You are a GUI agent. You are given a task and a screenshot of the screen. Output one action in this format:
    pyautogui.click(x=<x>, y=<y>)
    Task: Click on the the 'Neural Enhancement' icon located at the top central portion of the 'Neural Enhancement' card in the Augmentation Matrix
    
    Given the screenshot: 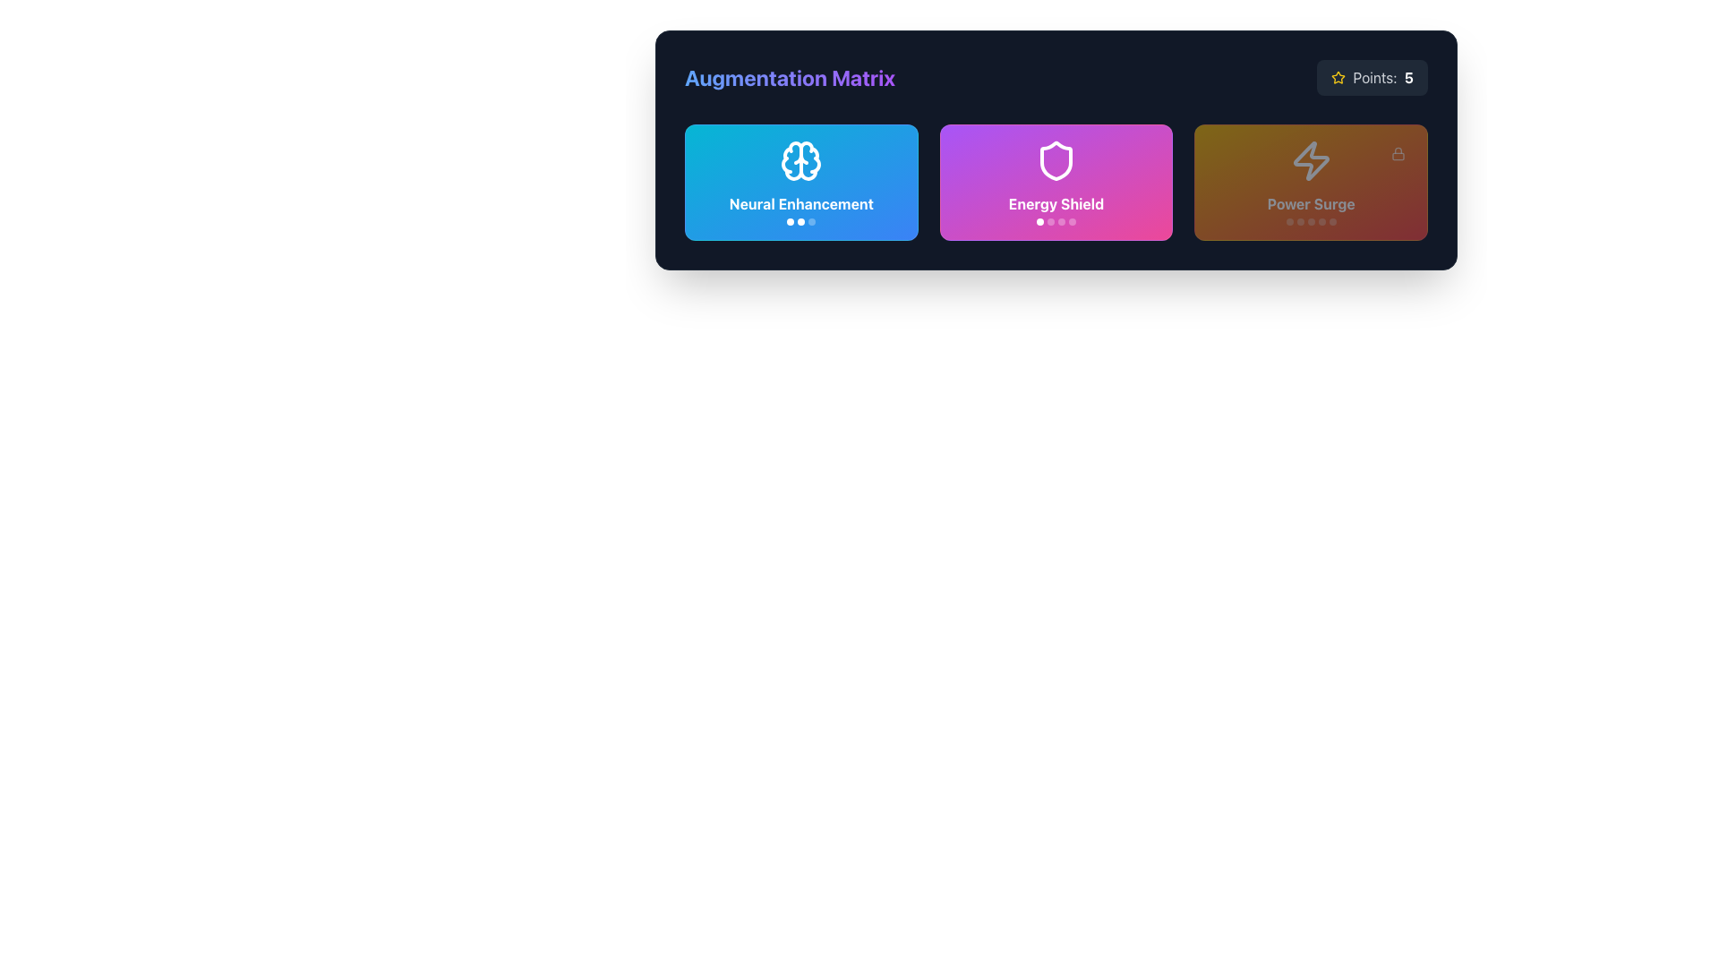 What is the action you would take?
    pyautogui.click(x=800, y=161)
    